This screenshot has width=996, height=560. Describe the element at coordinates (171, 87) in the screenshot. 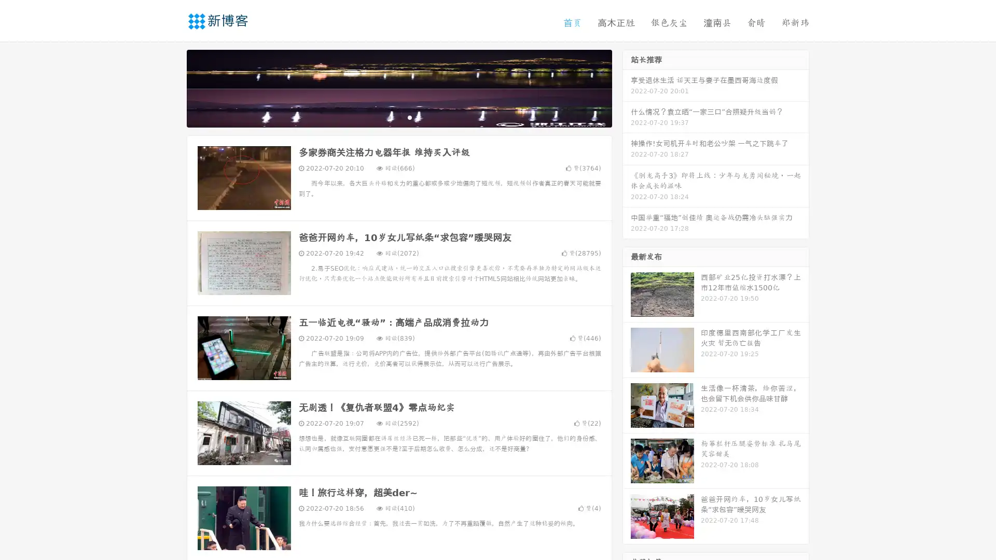

I see `Previous slide` at that location.